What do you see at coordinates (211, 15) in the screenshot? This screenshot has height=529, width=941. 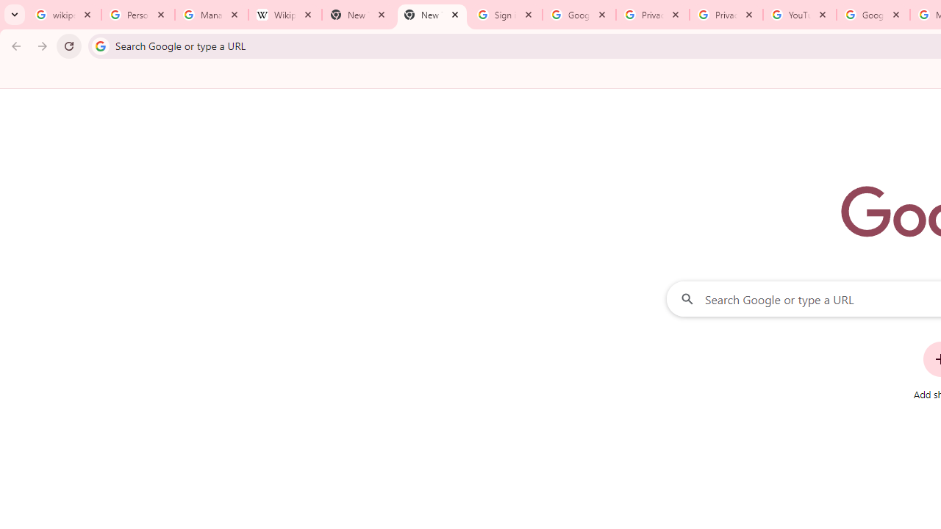 I see `'Manage your Location History - Google Search Help'` at bounding box center [211, 15].